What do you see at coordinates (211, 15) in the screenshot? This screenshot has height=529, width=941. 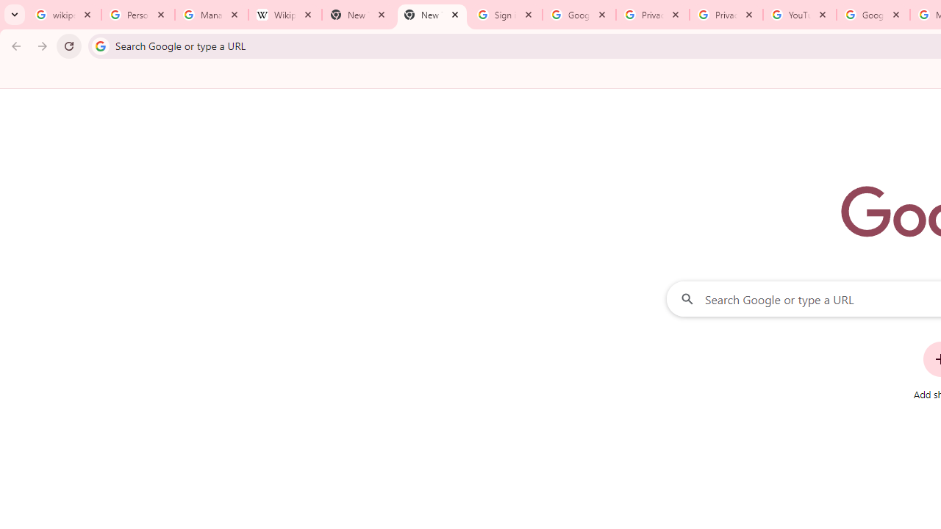 I see `'Manage your Location History - Google Search Help'` at bounding box center [211, 15].